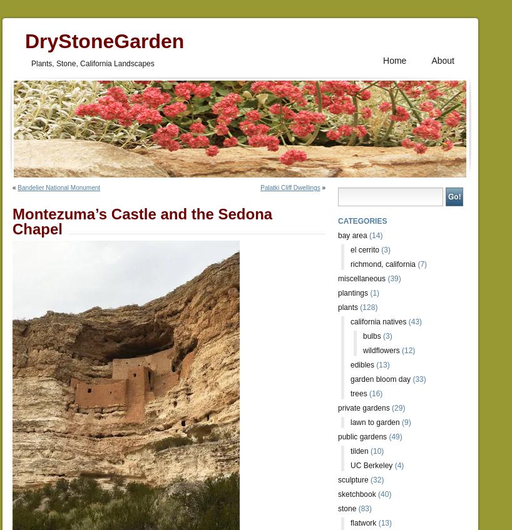 The height and width of the screenshot is (530, 512). What do you see at coordinates (372, 292) in the screenshot?
I see `'(1)'` at bounding box center [372, 292].